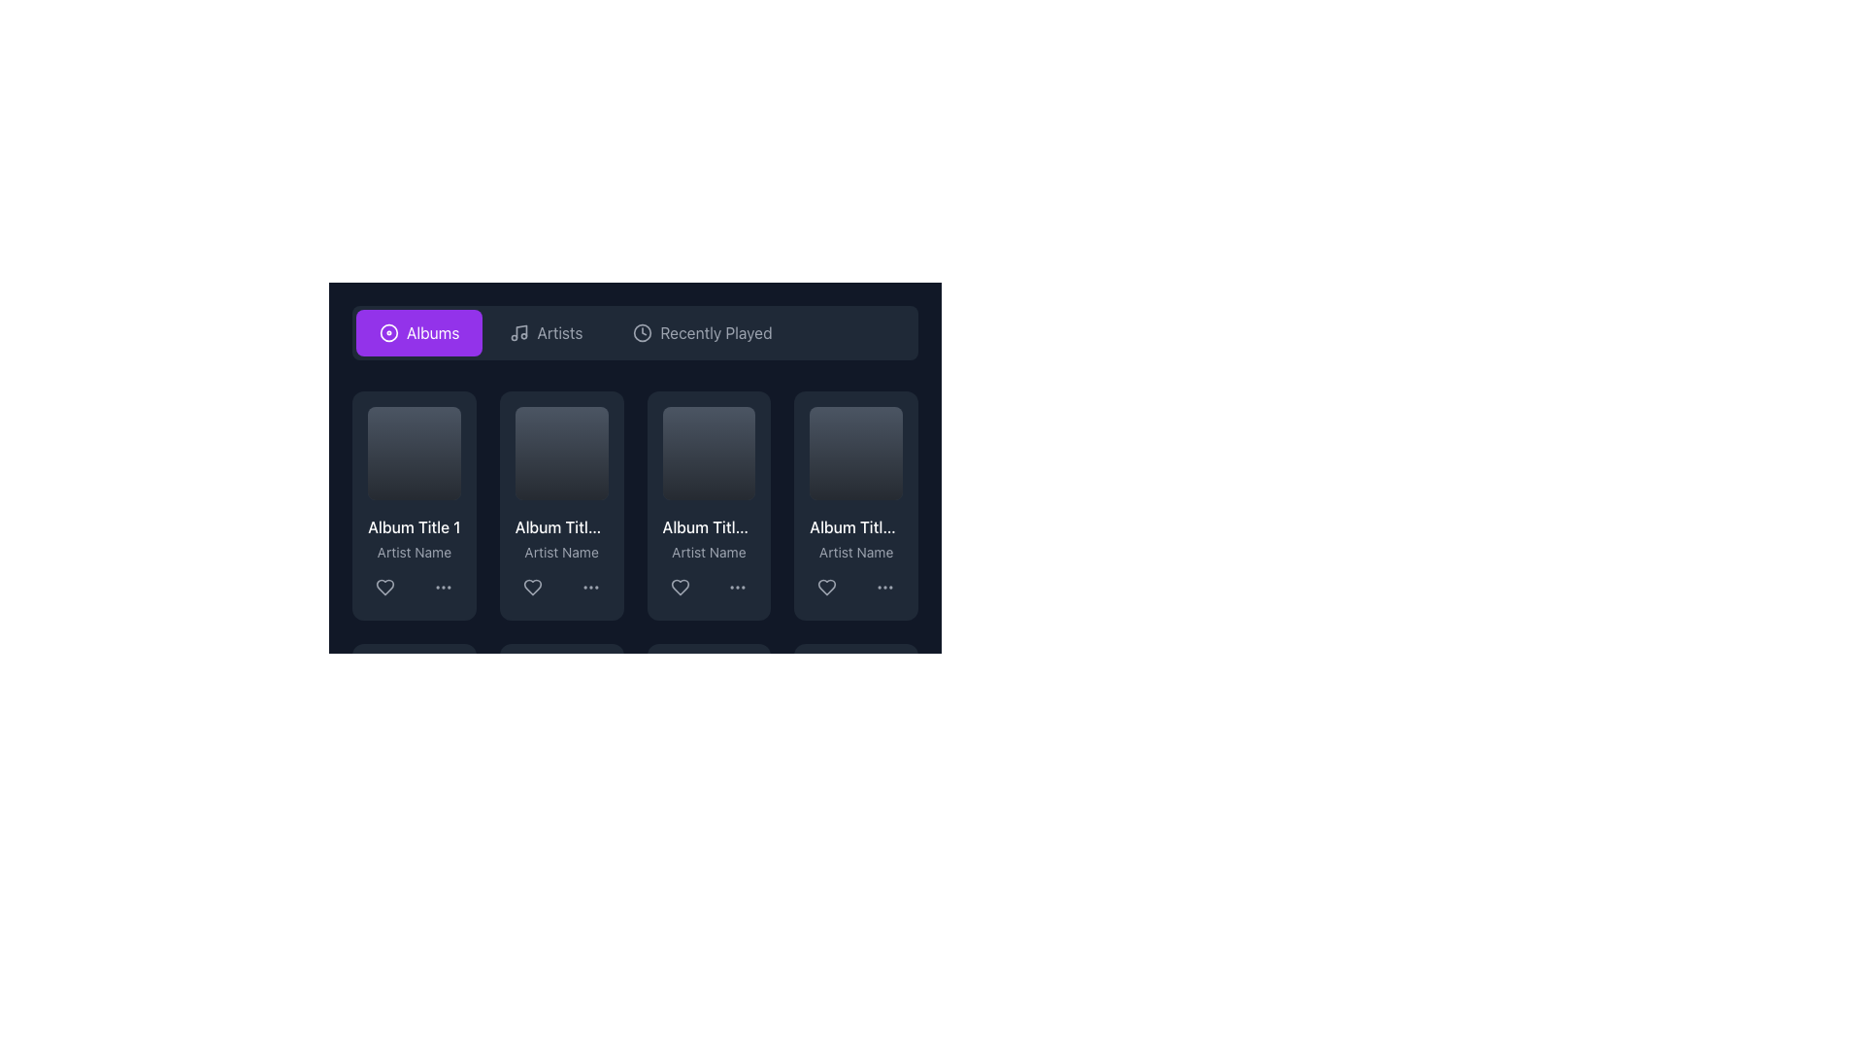 The height and width of the screenshot is (1049, 1864). Describe the element at coordinates (643, 332) in the screenshot. I see `the SVG circle representing the clock icon within the 'Recently Played' button in the navigation bar` at that location.